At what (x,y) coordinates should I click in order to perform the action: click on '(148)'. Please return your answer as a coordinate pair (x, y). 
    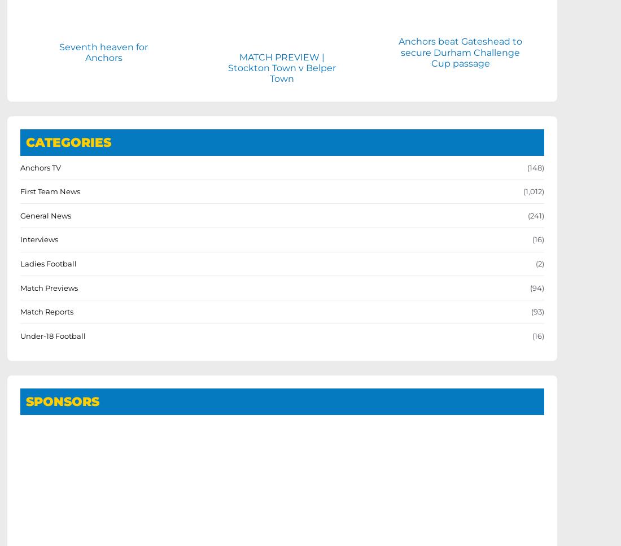
    Looking at the image, I should click on (527, 166).